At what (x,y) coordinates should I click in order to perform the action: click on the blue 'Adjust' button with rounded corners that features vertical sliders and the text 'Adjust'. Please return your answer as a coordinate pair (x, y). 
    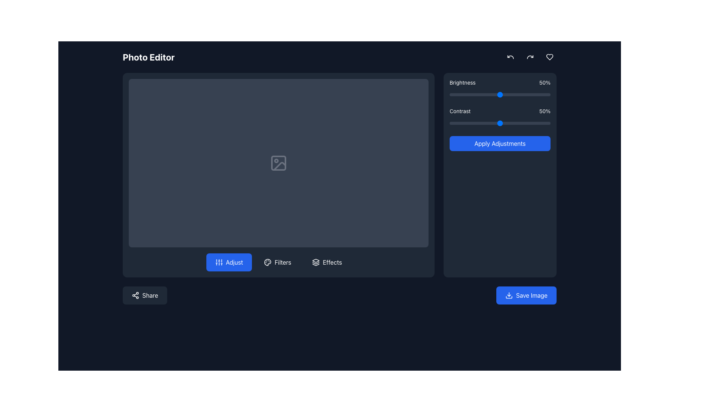
    Looking at the image, I should click on (229, 262).